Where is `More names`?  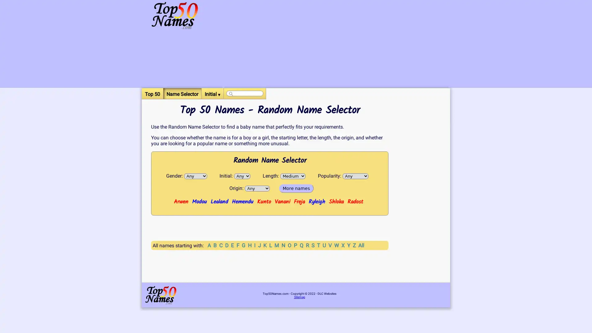 More names is located at coordinates (296, 188).